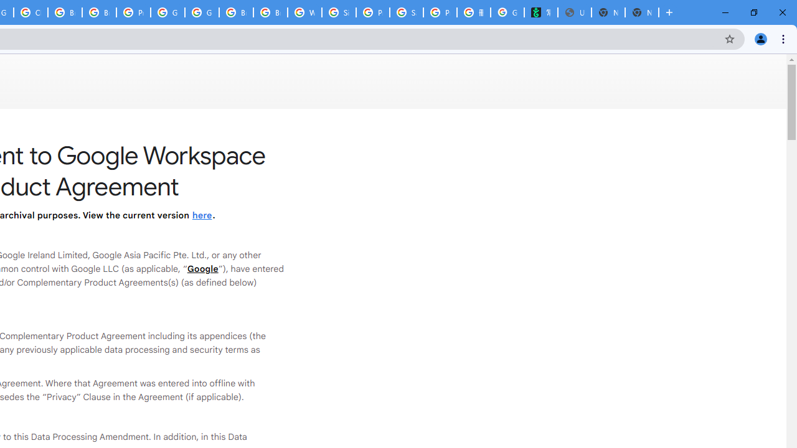 This screenshot has width=797, height=448. Describe the element at coordinates (339, 12) in the screenshot. I see `'Sign in - Google Accounts'` at that location.